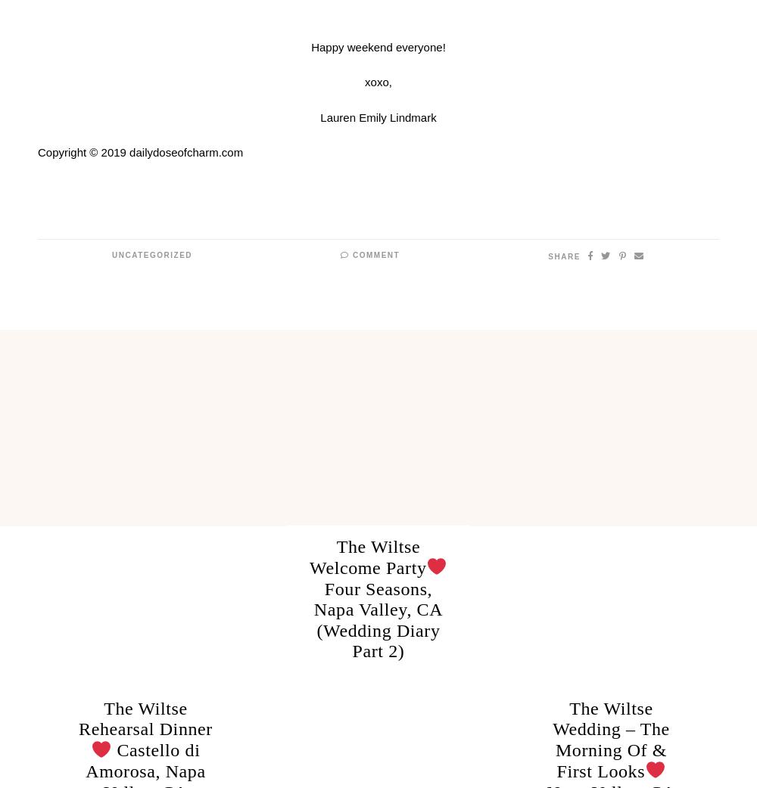  I want to click on 'Lauren Emily Lindmark', so click(320, 116).